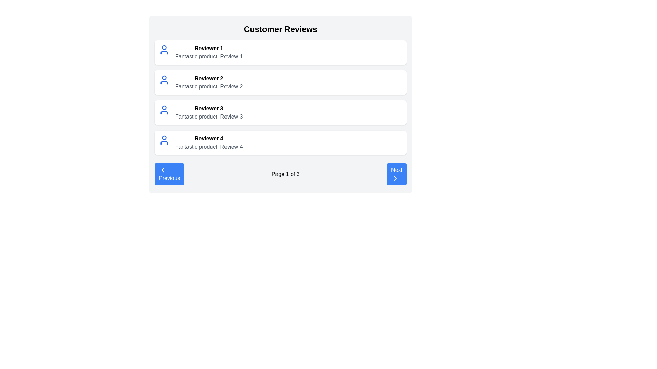 The image size is (657, 369). Describe the element at coordinates (162, 169) in the screenshot. I see `the leftward-pointing chevron icon inside the blue 'Previous' button` at that location.